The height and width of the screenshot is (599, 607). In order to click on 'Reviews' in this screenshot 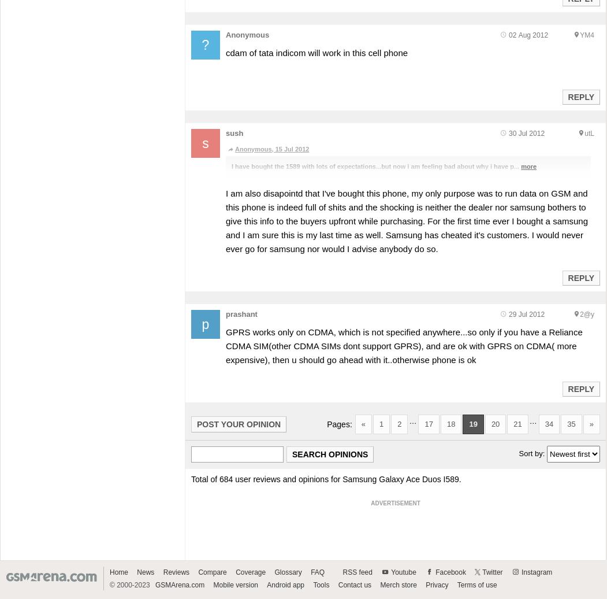, I will do `click(176, 571)`.